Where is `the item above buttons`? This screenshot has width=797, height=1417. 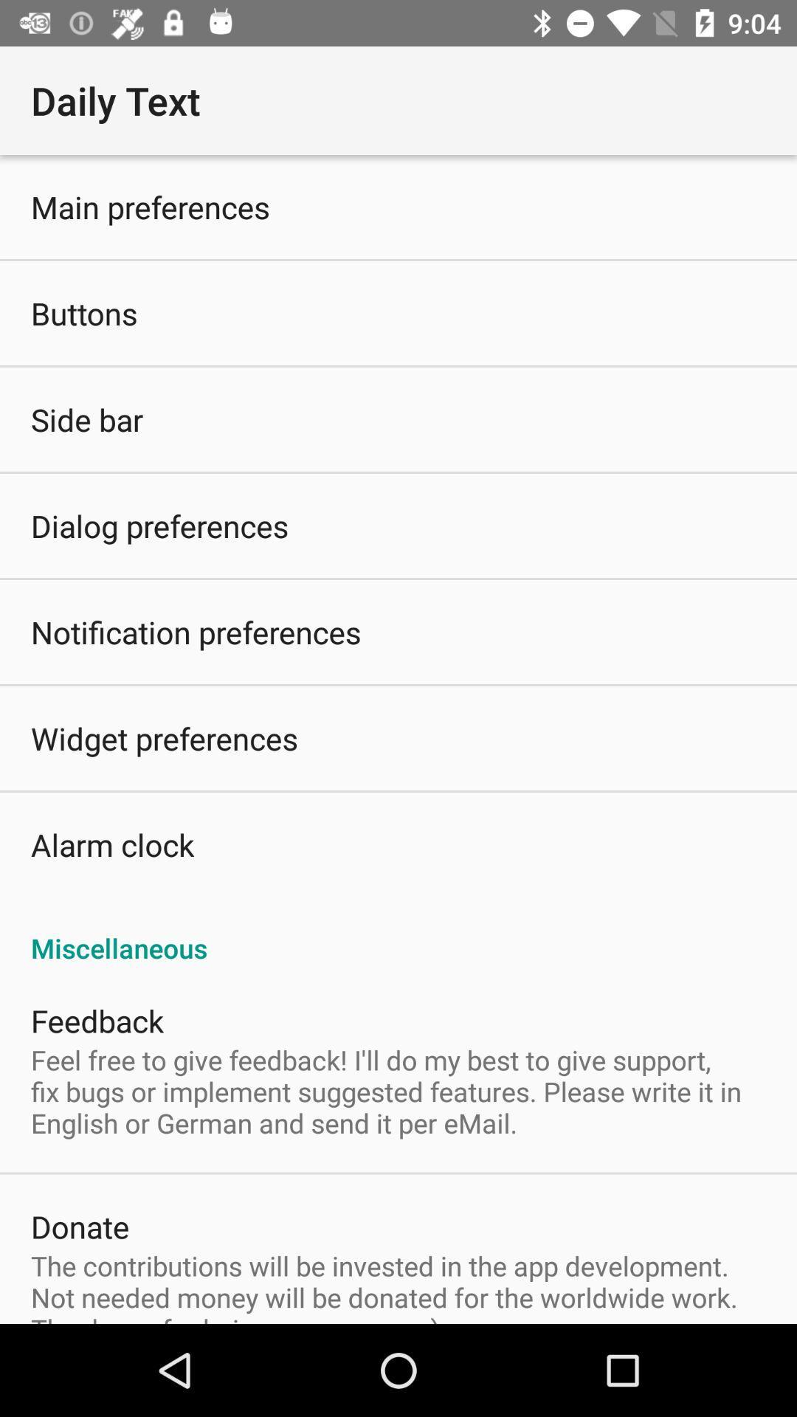
the item above buttons is located at coordinates (151, 206).